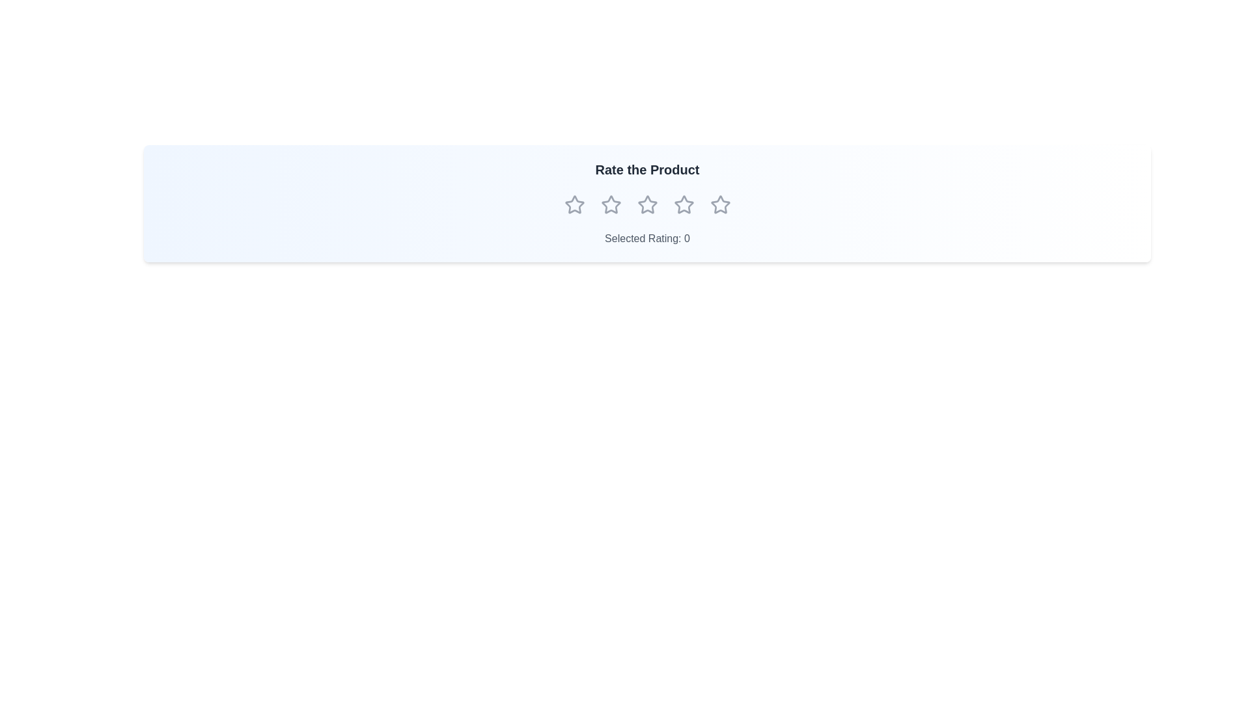 The image size is (1250, 703). I want to click on the outlined star icon in the fifth position from the left to assign a 5-star rating, so click(719, 205).